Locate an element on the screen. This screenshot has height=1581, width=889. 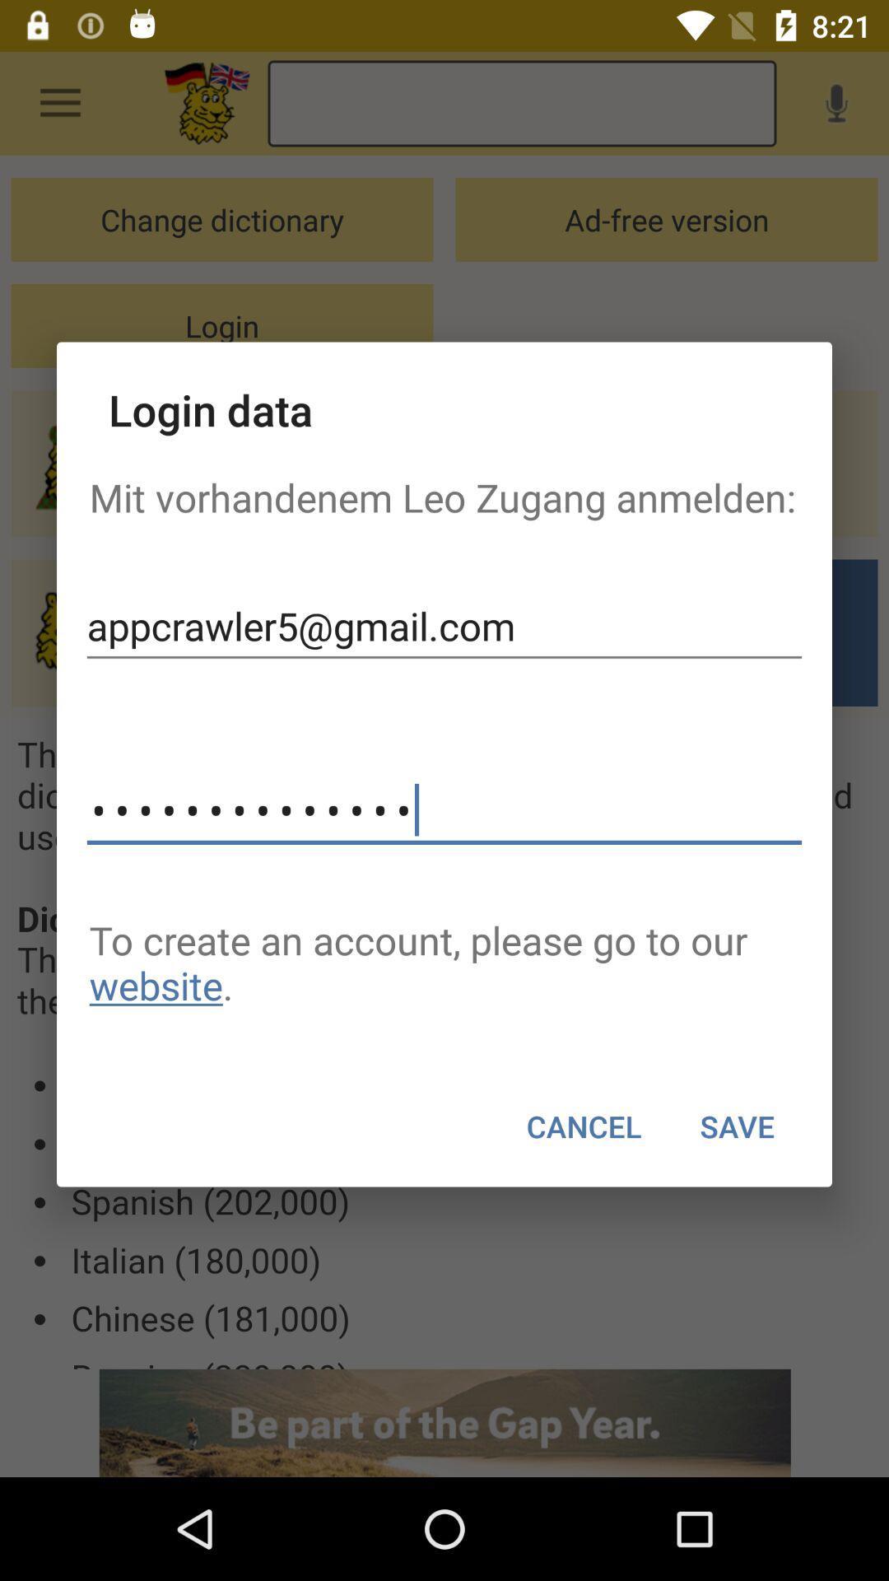
item to the right of cancel icon is located at coordinates (736, 1126).